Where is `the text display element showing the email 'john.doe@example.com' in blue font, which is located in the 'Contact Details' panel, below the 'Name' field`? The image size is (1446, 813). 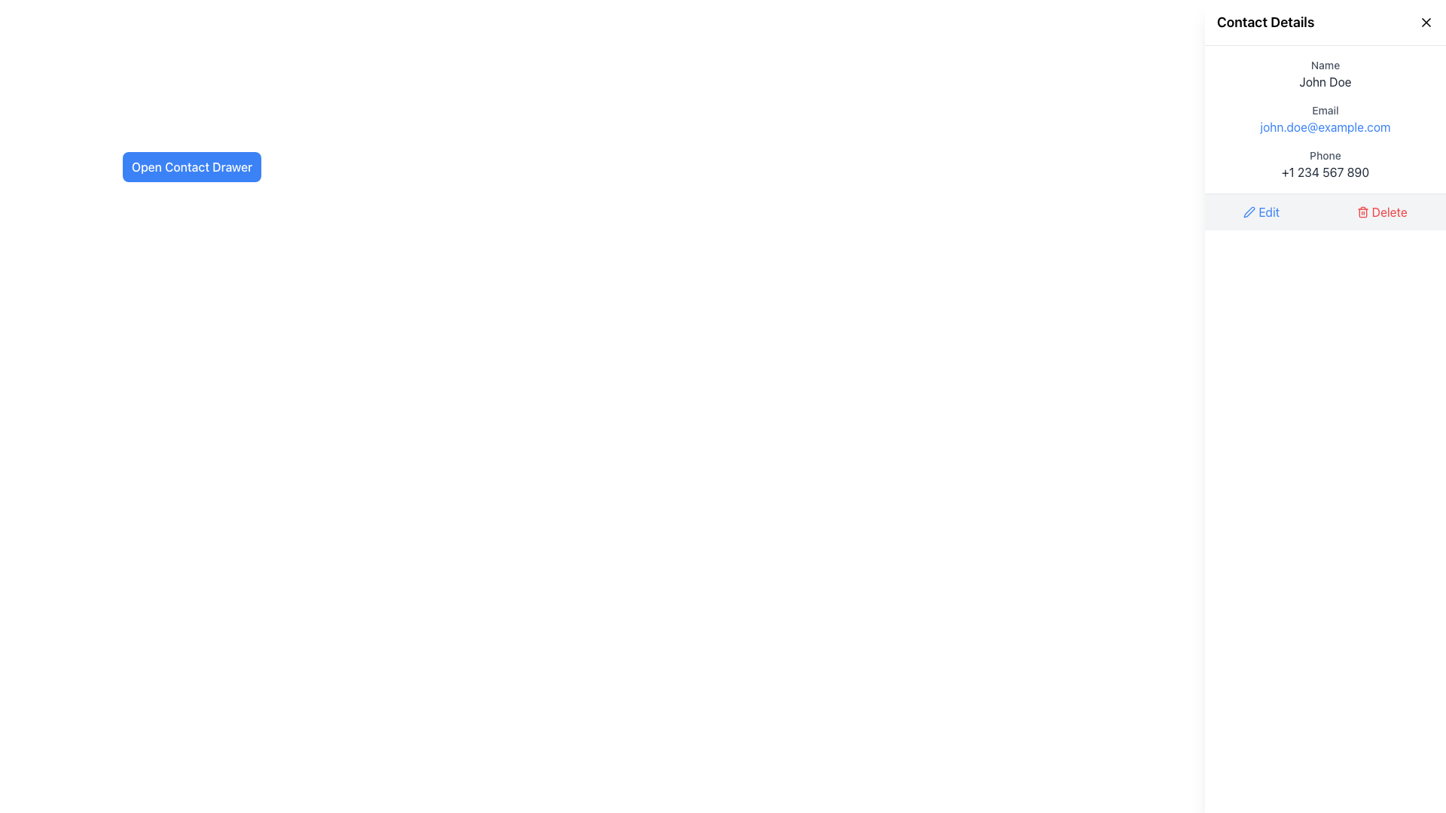
the text display element showing the email 'john.doe@example.com' in blue font, which is located in the 'Contact Details' panel, below the 'Name' field is located at coordinates (1325, 118).